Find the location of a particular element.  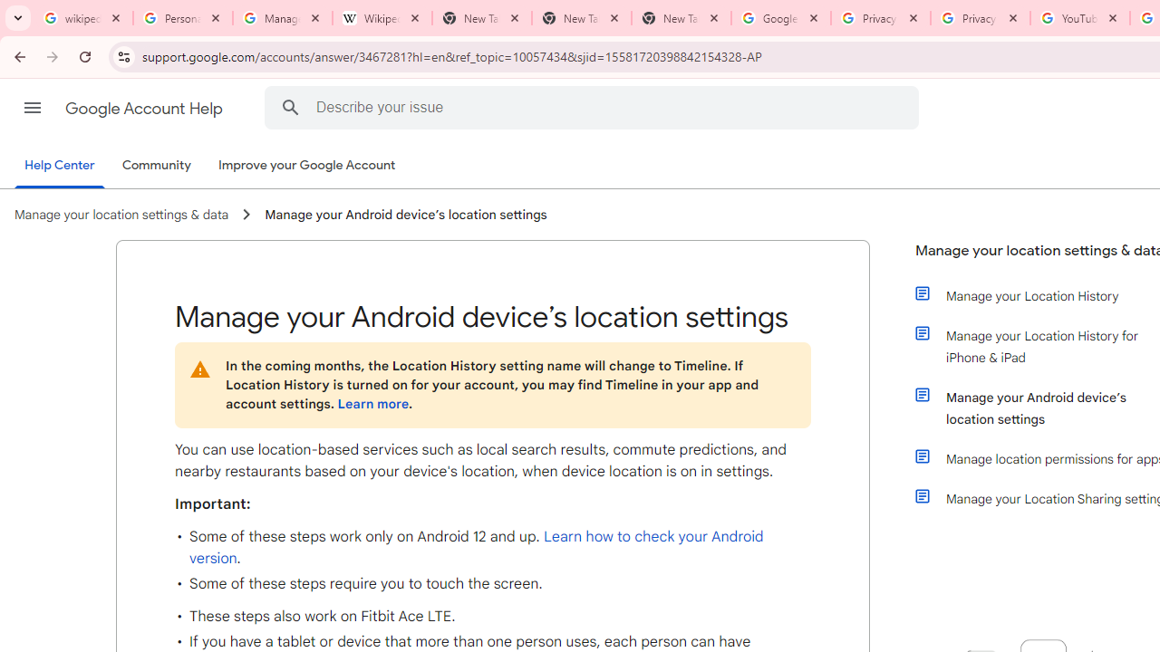

'Google Drive: Sign-in' is located at coordinates (780, 18).